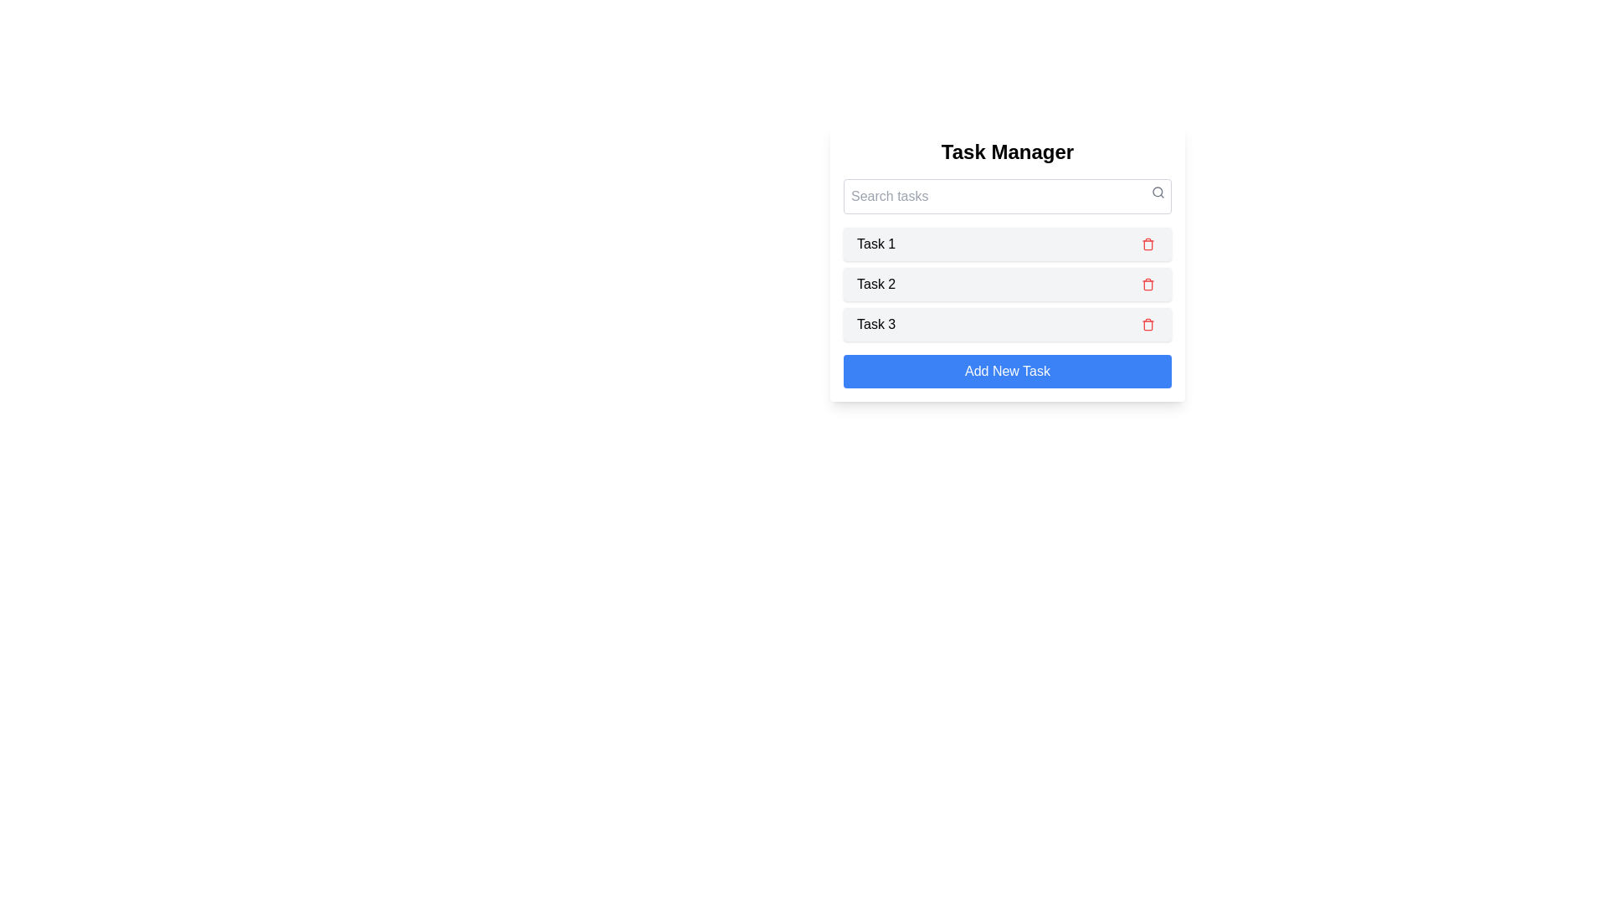 The width and height of the screenshot is (1607, 904). What do you see at coordinates (1007, 370) in the screenshot?
I see `'Add New Task' button to add a new task` at bounding box center [1007, 370].